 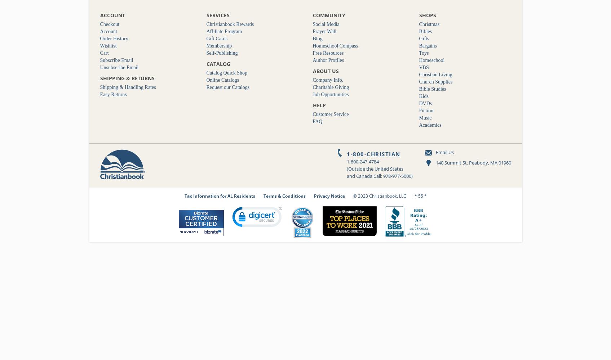 I want to click on 'Tax Information for AL Residents', so click(x=219, y=195).